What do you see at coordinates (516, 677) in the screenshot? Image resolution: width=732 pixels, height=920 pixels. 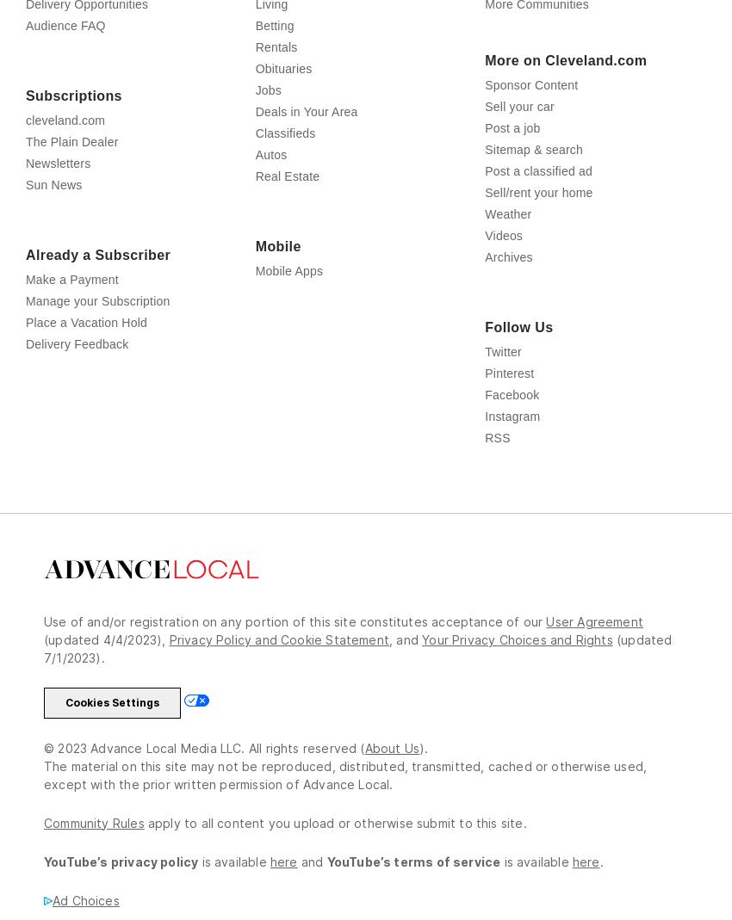 I see `'Your Privacy Choices and Rights'` at bounding box center [516, 677].